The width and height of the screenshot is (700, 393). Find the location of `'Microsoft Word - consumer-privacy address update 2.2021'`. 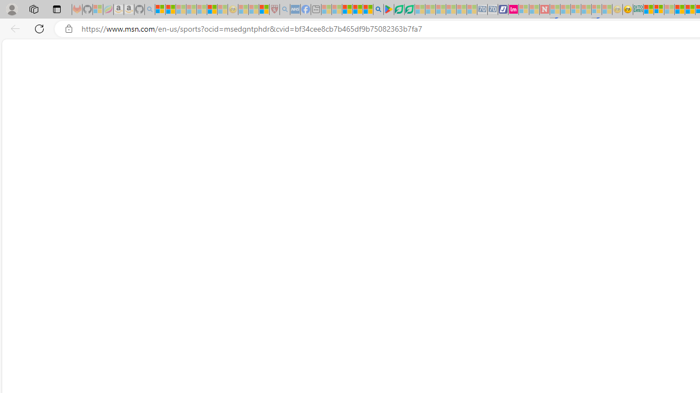

'Microsoft Word - consumer-privacy address update 2.2021' is located at coordinates (409, 9).